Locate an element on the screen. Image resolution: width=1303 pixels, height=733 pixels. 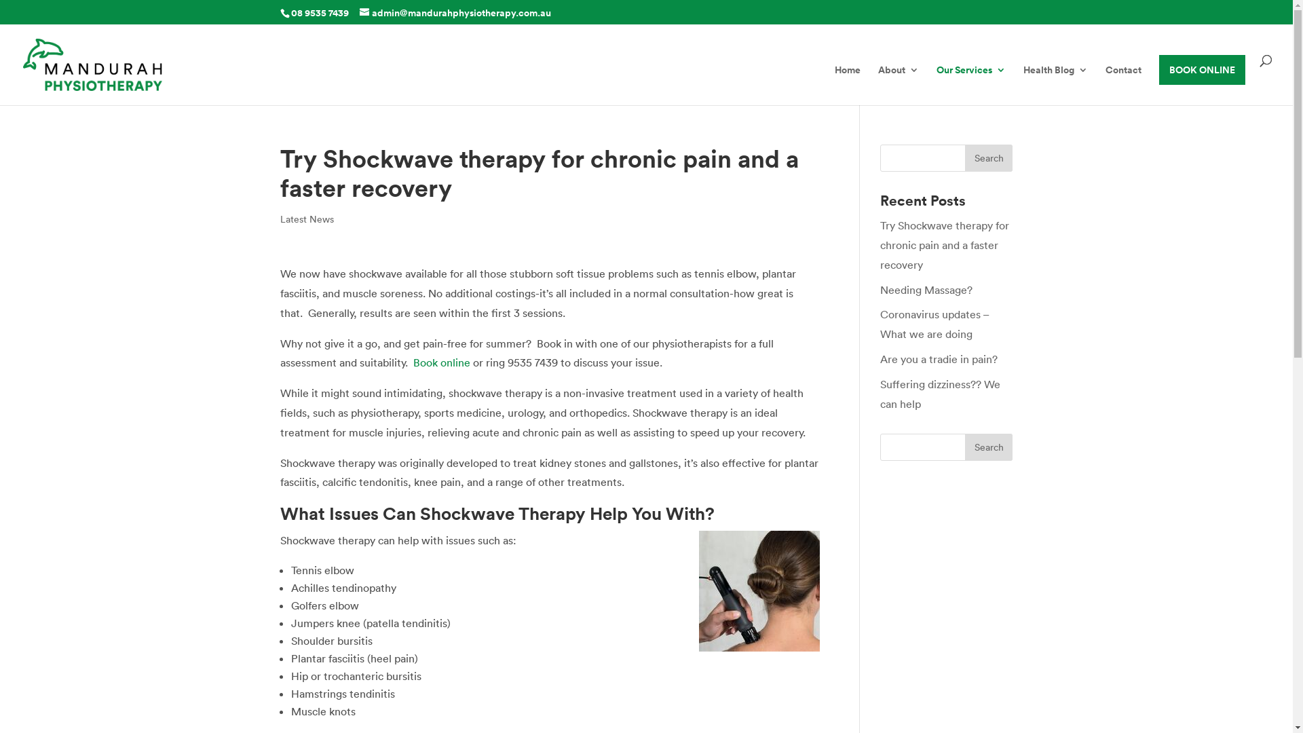
'Latest News' is located at coordinates (279, 219).